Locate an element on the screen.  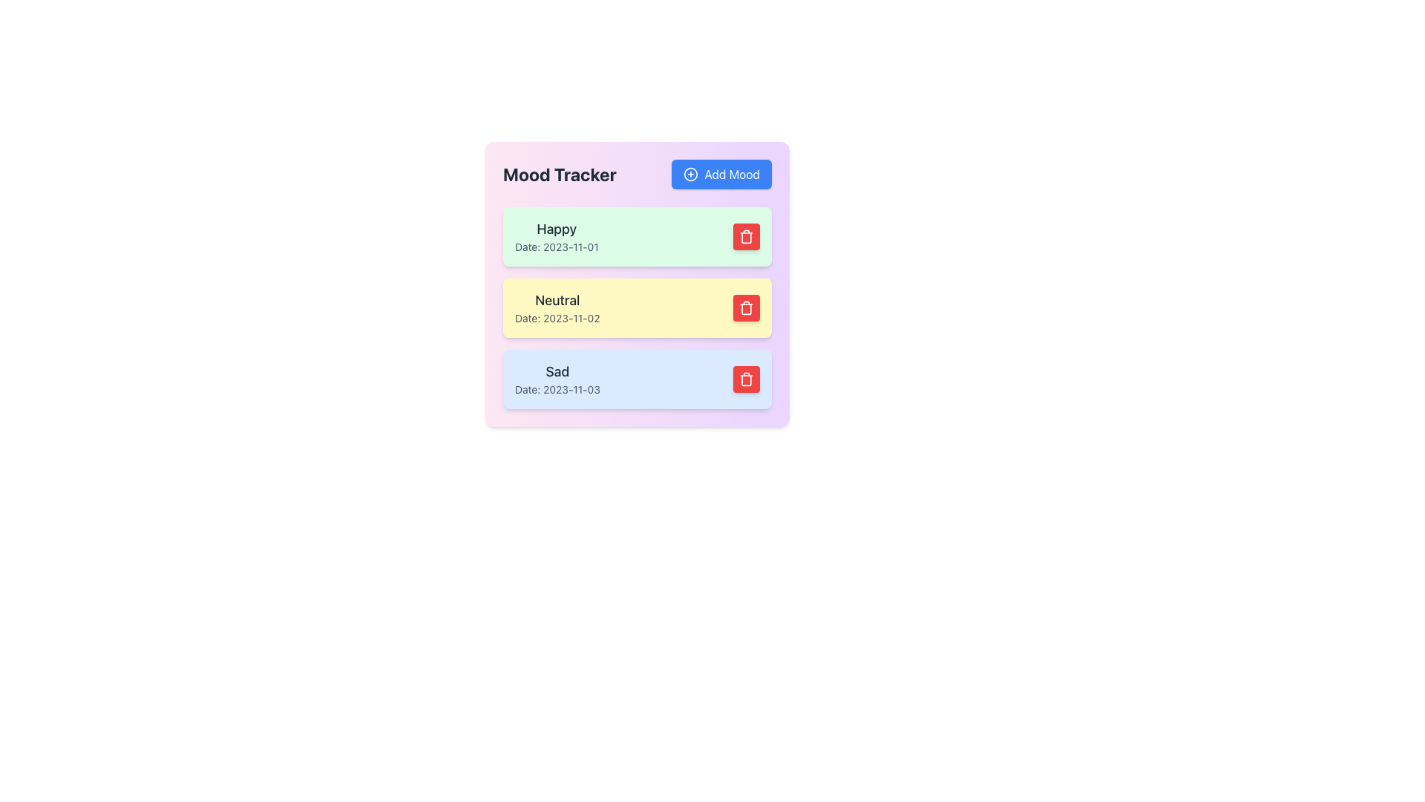
the delete icon, which is a red circular button located at the far-right end of the yellow item labeled 'Neutral' in the list of mood entries is located at coordinates (747, 307).